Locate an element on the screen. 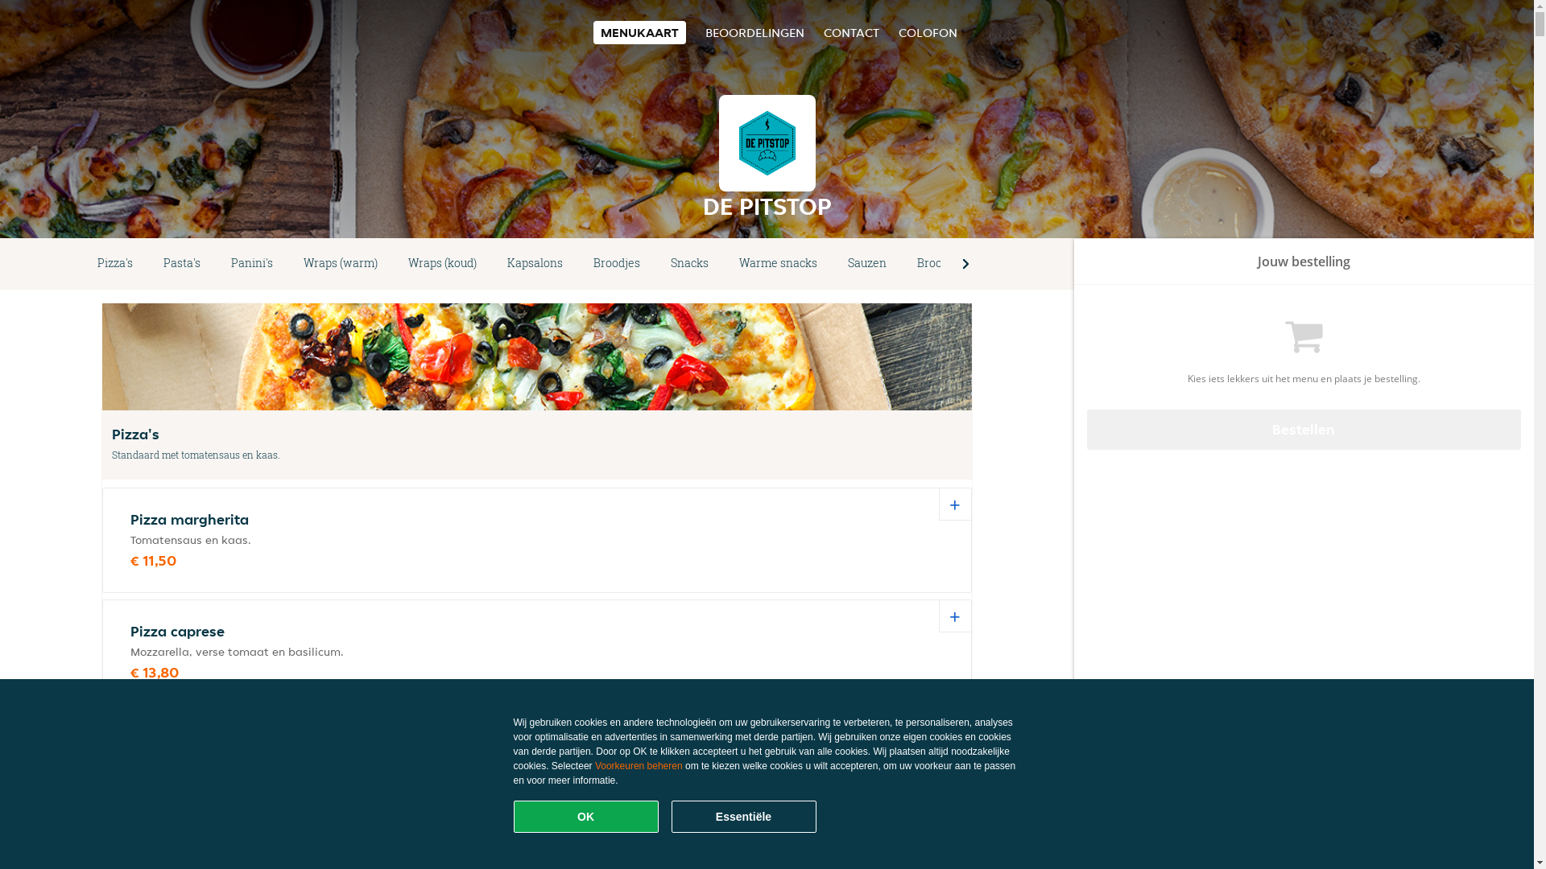  'Brood' is located at coordinates (932, 262).